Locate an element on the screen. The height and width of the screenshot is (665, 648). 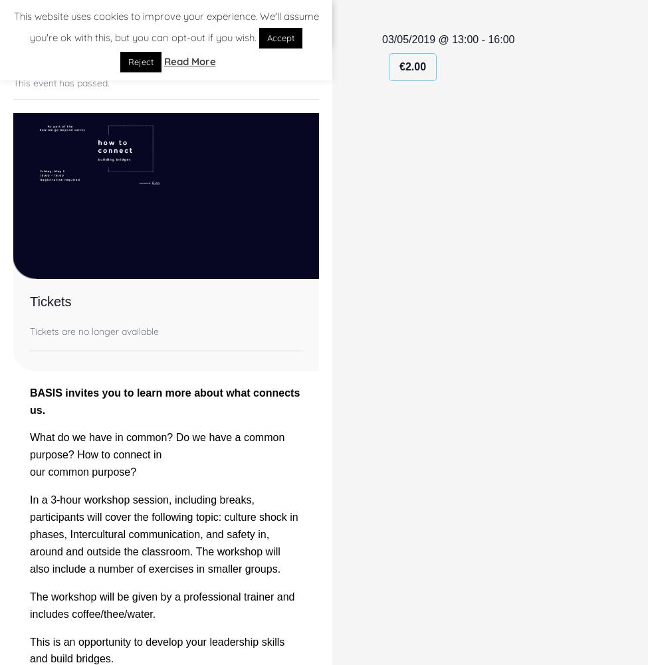
'What do we have in common? Do we have a common purpose? How to connect in' is located at coordinates (30, 445).